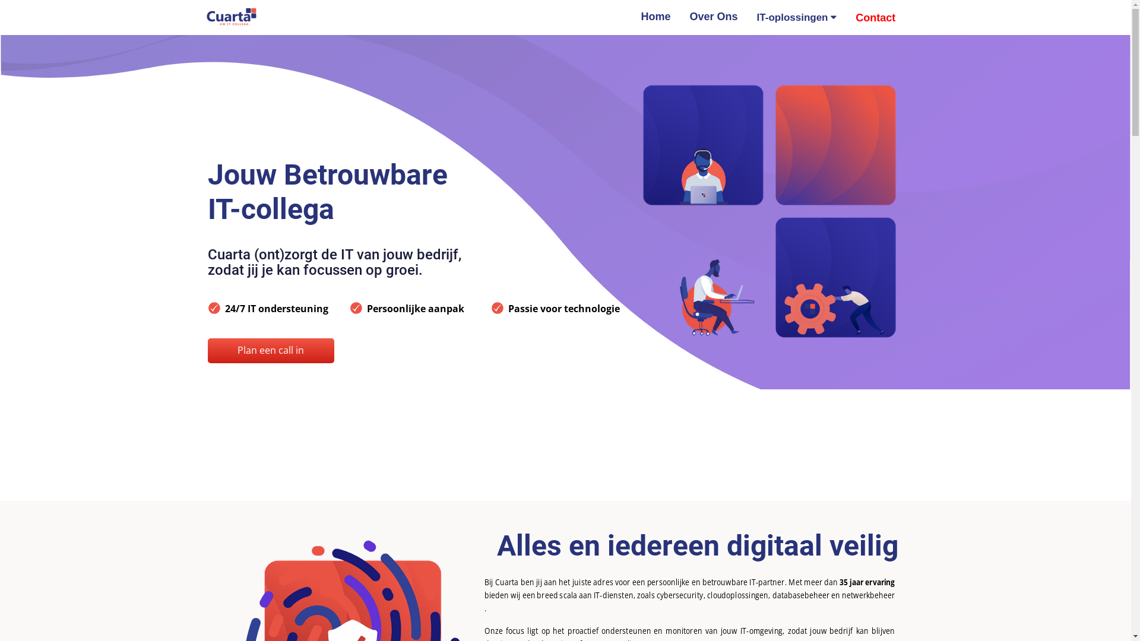  What do you see at coordinates (270, 350) in the screenshot?
I see `'Plan een call in'` at bounding box center [270, 350].